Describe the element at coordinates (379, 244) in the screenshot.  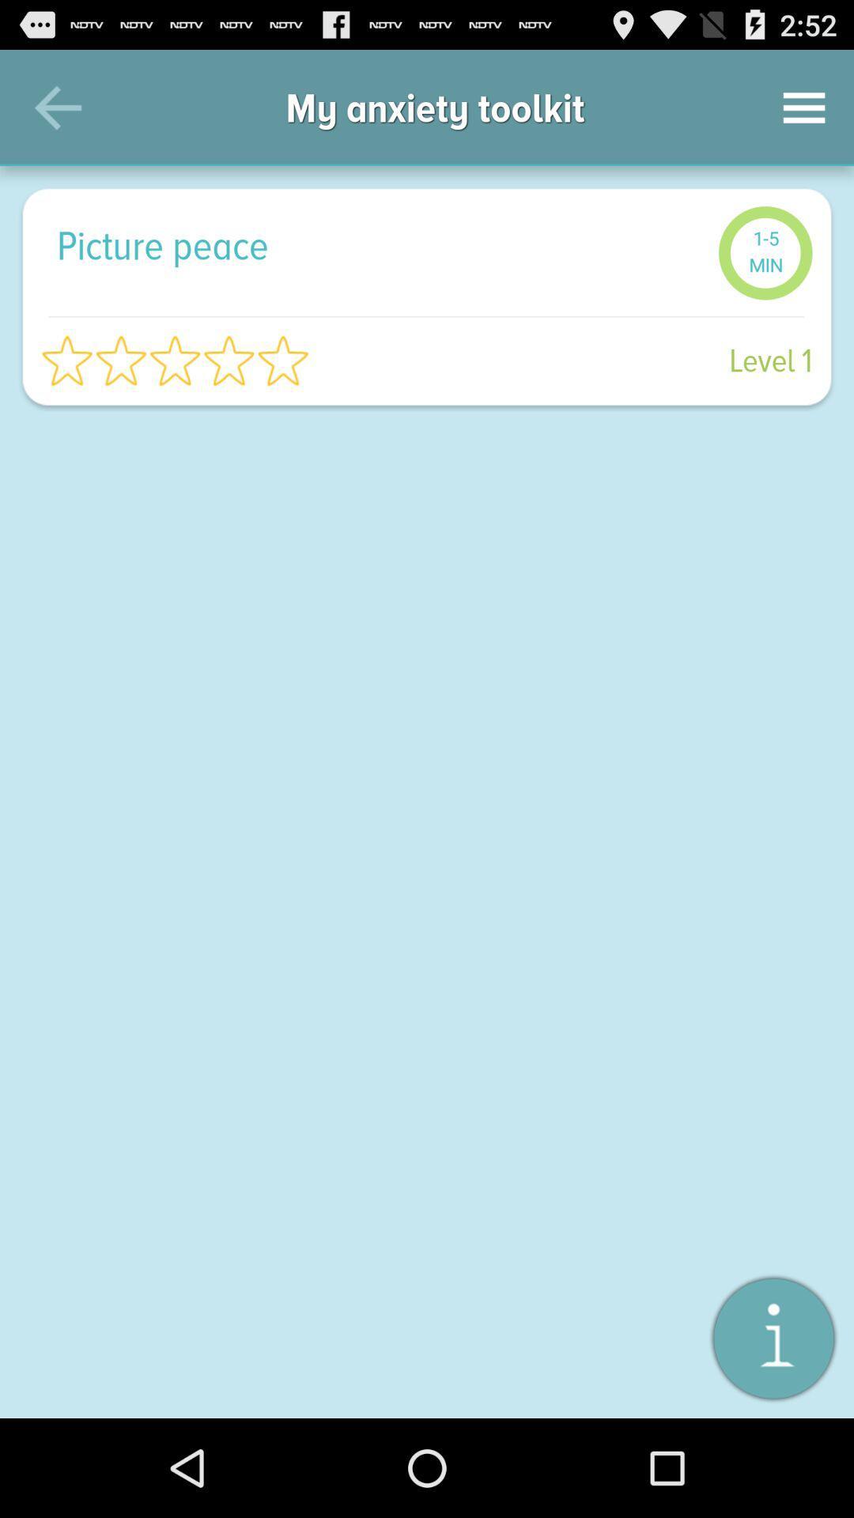
I see `the picture peace item` at that location.